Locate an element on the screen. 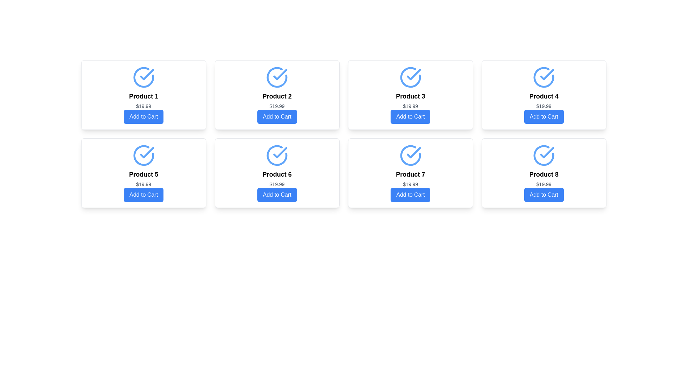 This screenshot has width=675, height=380. the blue circular checkmark icon located within the 'Product 5' card in the second row, first column of the product grid is located at coordinates (143, 155).